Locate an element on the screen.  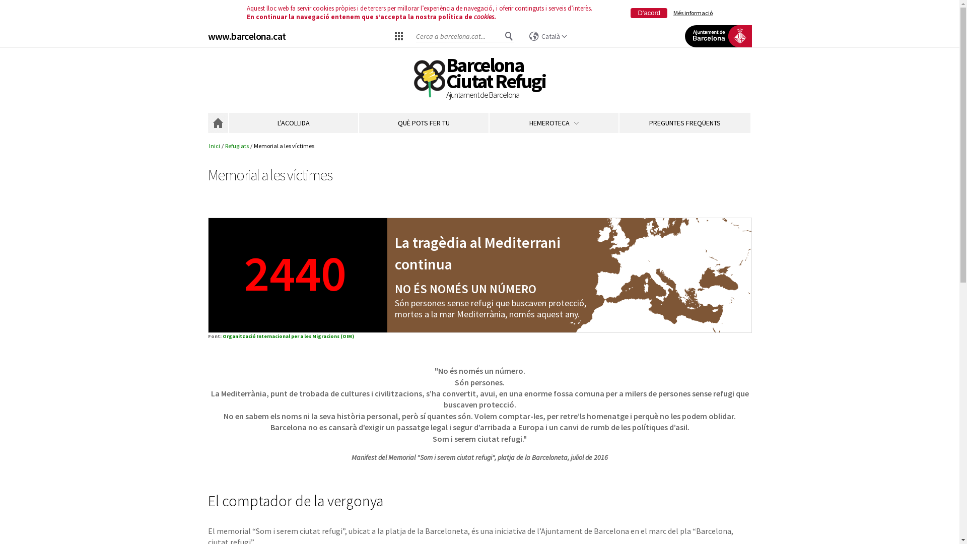
'L'ACOLLIDA' is located at coordinates (292, 122).